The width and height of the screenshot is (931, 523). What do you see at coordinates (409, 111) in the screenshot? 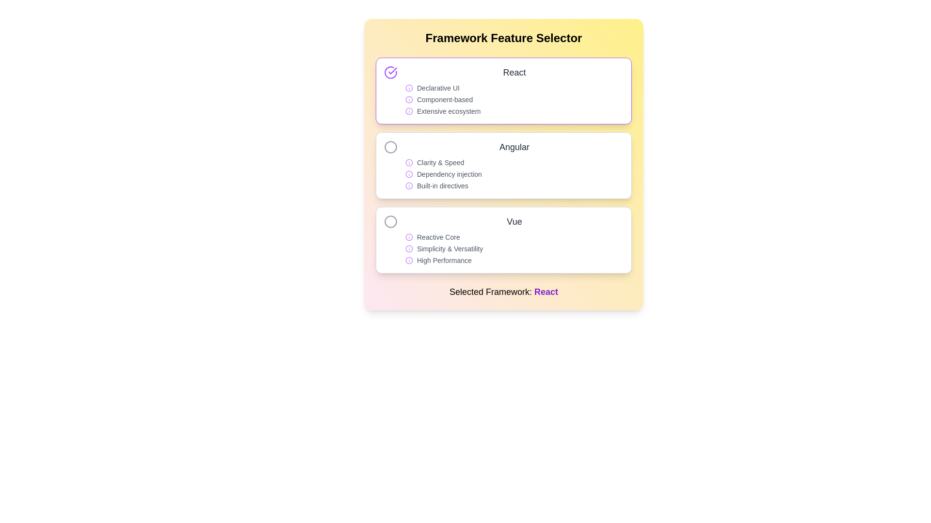
I see `the information/help icon located to the immediate left of the text label 'Extensive ecosystem' within the React section of the uppermost card` at bounding box center [409, 111].